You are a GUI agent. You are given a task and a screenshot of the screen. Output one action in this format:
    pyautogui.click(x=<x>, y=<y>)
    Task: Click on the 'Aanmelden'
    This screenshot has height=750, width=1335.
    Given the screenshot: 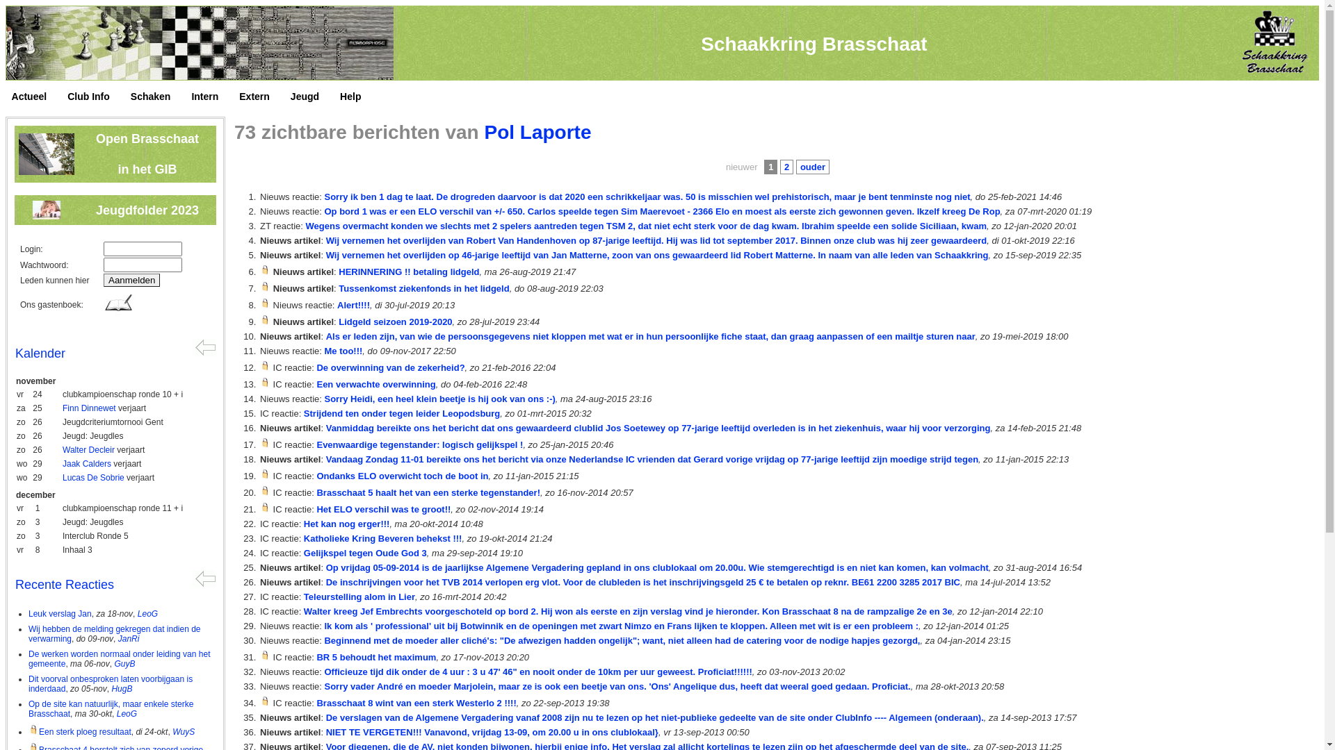 What is the action you would take?
    pyautogui.click(x=102, y=280)
    